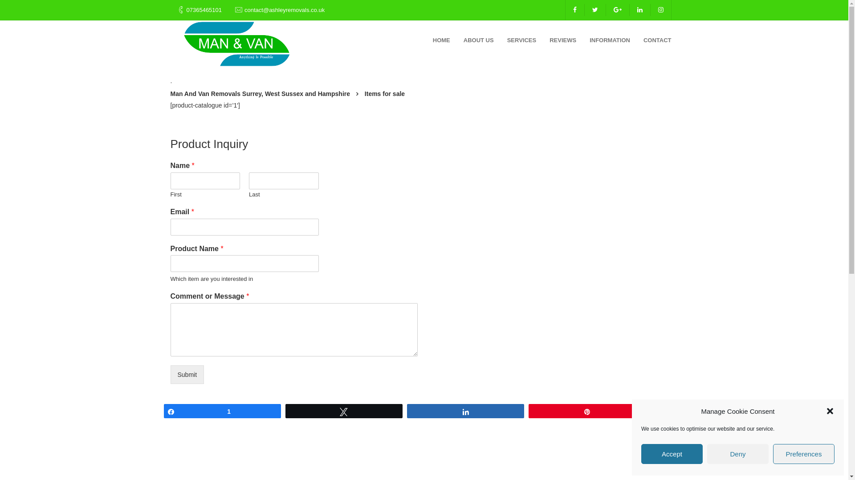 Image resolution: width=855 pixels, height=480 pixels. Describe the element at coordinates (222, 411) in the screenshot. I see `'1'` at that location.